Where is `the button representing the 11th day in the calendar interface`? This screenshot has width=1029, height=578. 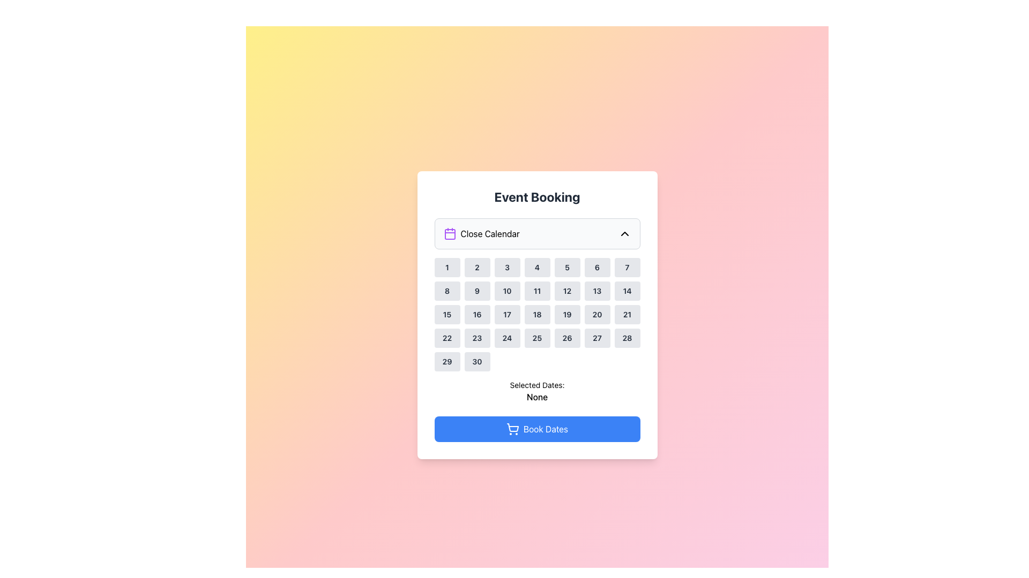 the button representing the 11th day in the calendar interface is located at coordinates (537, 291).